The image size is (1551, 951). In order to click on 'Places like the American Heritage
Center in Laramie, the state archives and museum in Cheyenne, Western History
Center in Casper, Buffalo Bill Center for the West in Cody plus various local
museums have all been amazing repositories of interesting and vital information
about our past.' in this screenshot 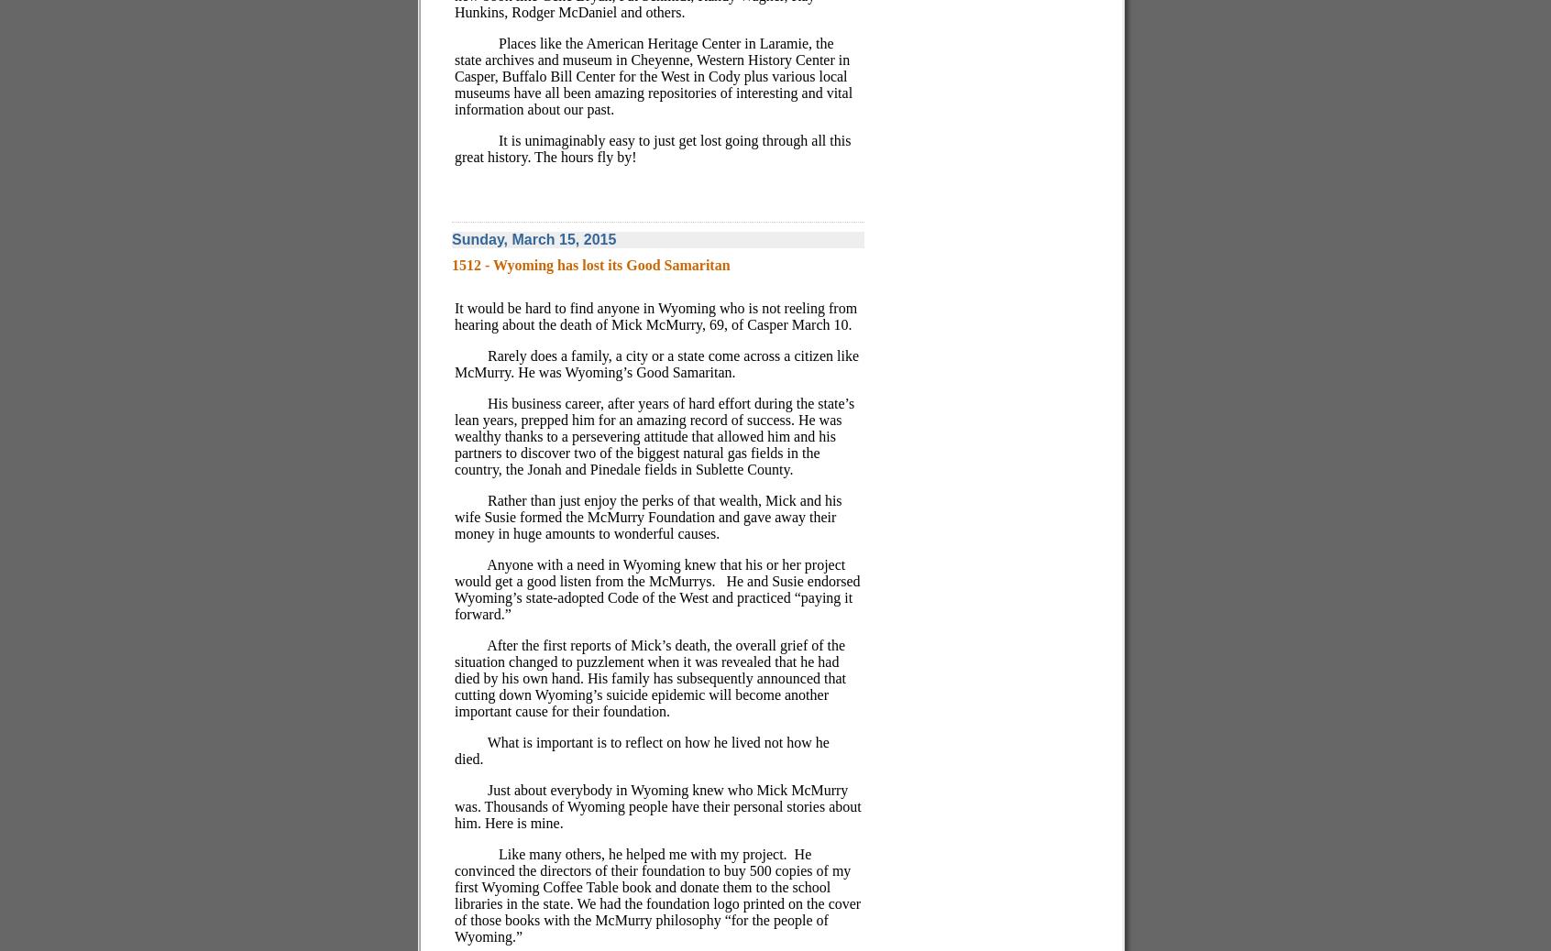, I will do `click(653, 74)`.